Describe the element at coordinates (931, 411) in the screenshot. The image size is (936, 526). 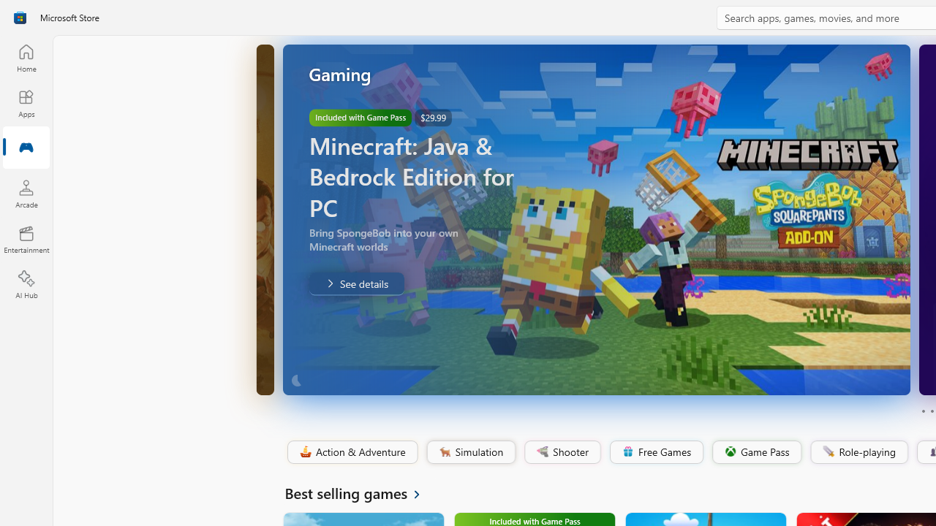
I see `'Page 2'` at that location.